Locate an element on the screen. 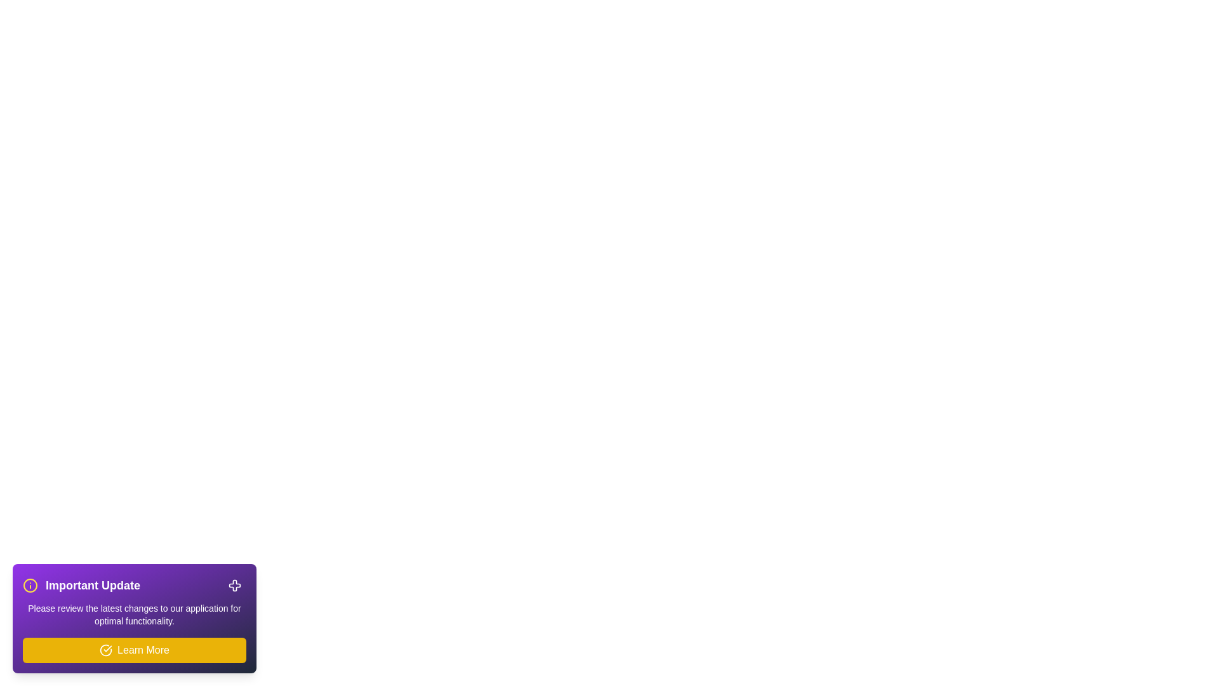 This screenshot has height=686, width=1219. the button Close to observe its hover effect is located at coordinates (234, 585).